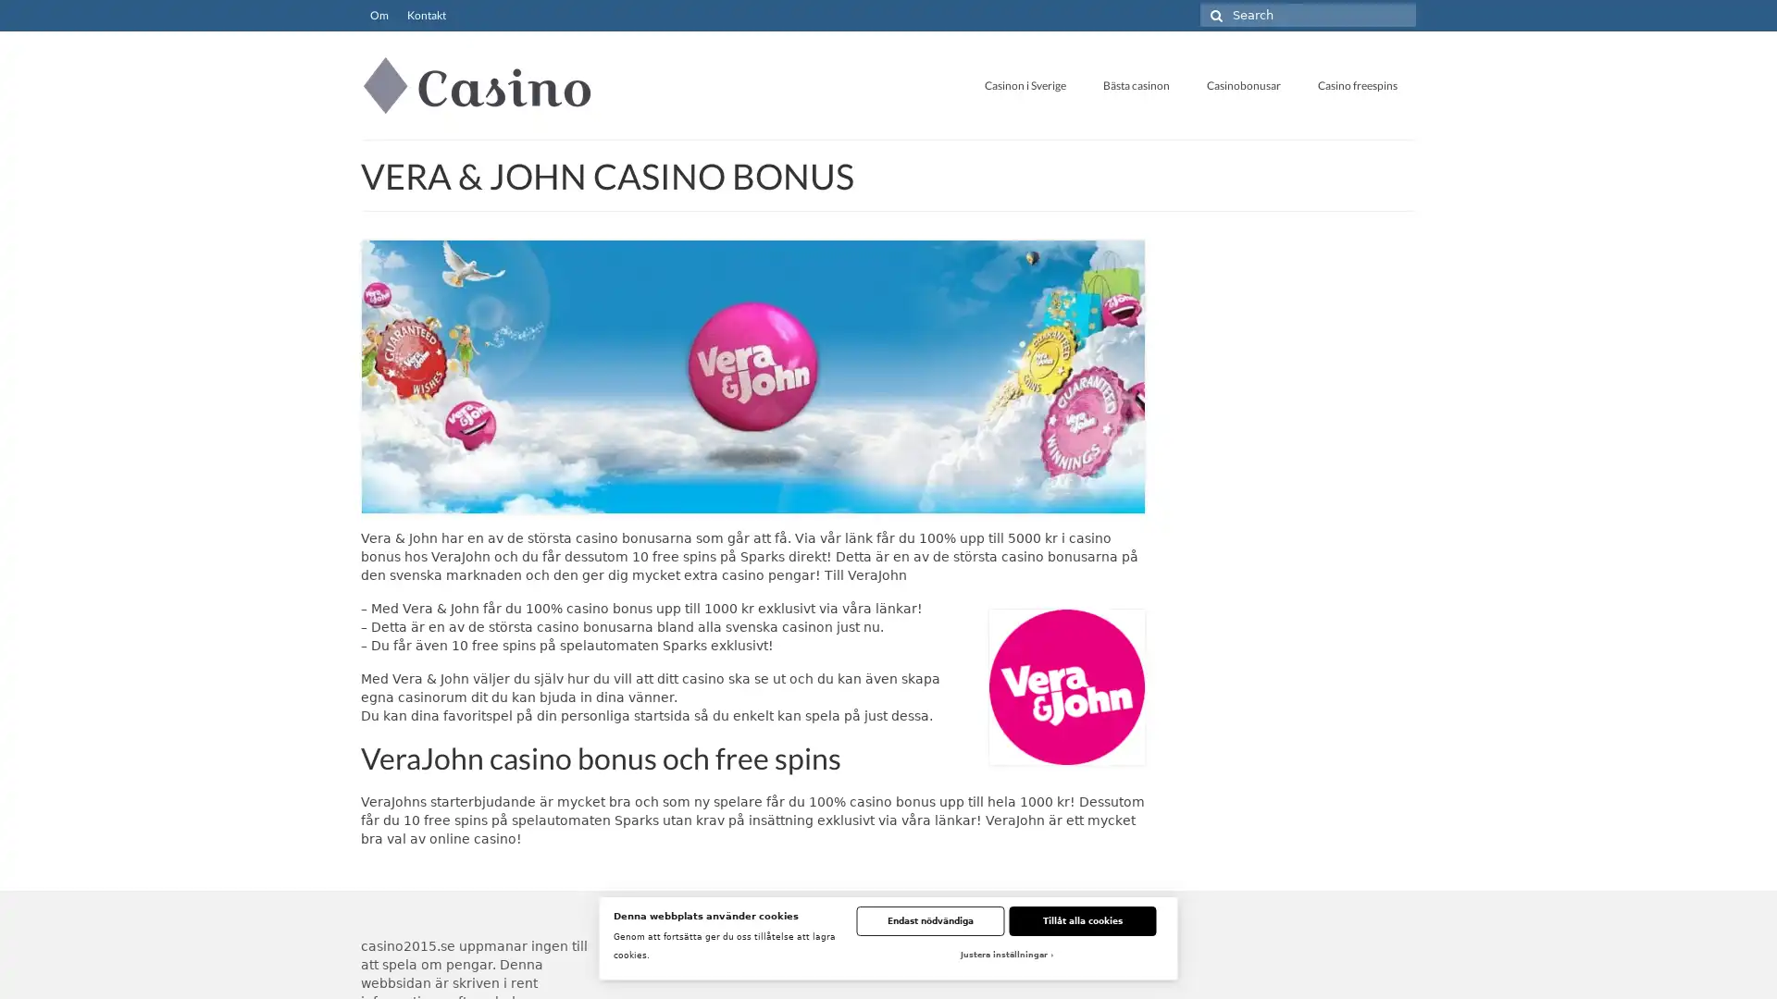  I want to click on Justera installningar, so click(1004, 956).